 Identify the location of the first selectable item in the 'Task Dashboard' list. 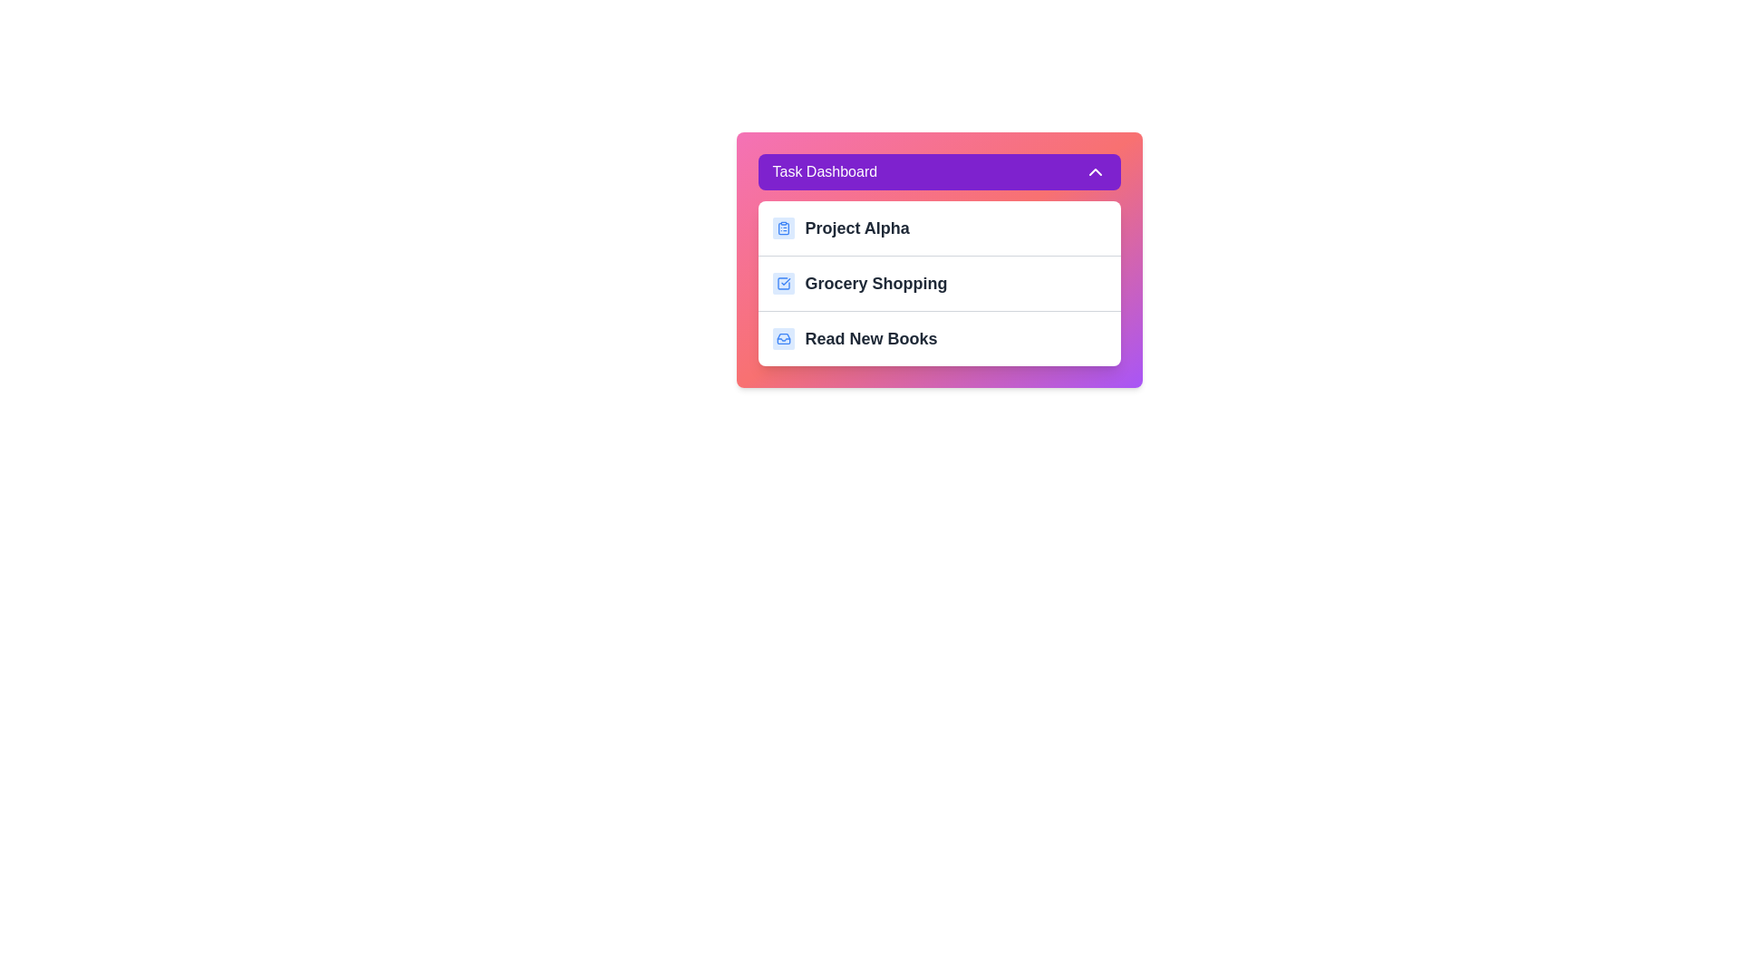
(939, 227).